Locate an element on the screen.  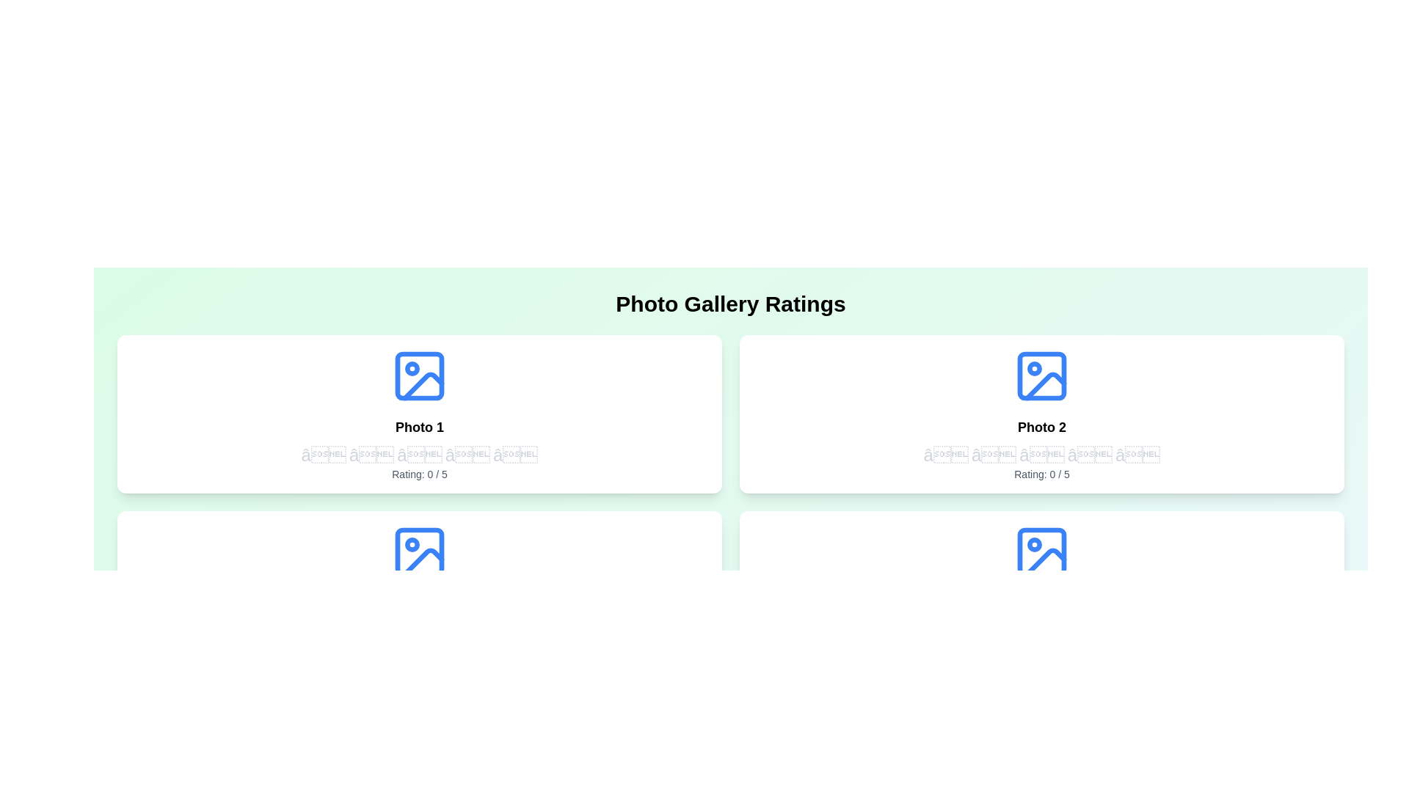
the rating of the first photo to 1 stars is located at coordinates (323, 455).